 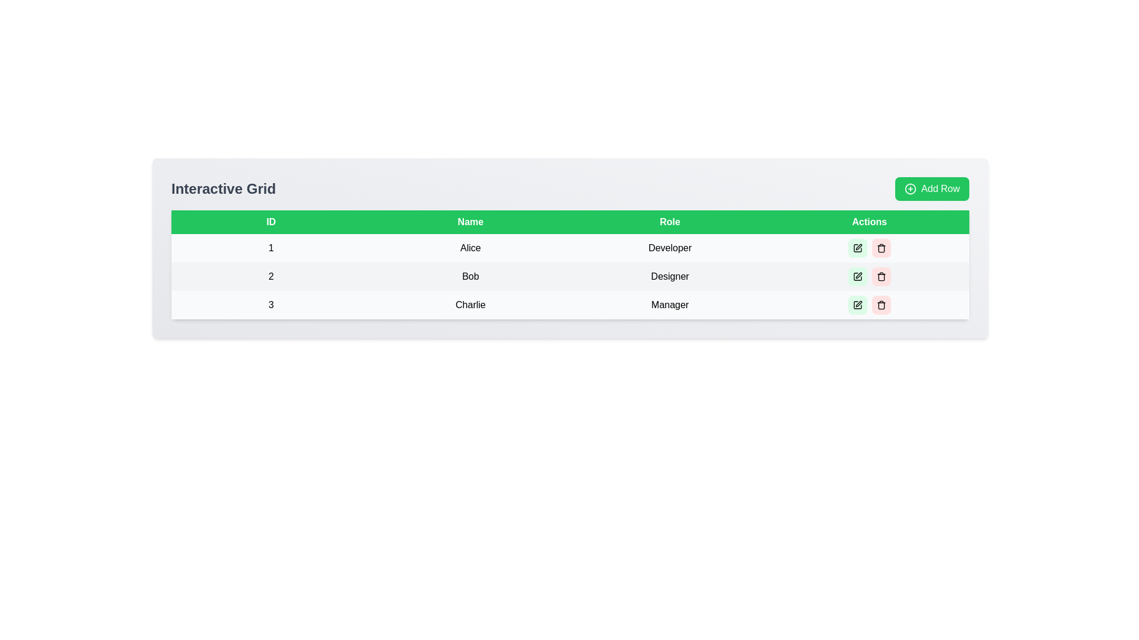 I want to click on the static text label in the 'Role' column of the first row of the table, which provides information about the person's role, so click(x=670, y=248).